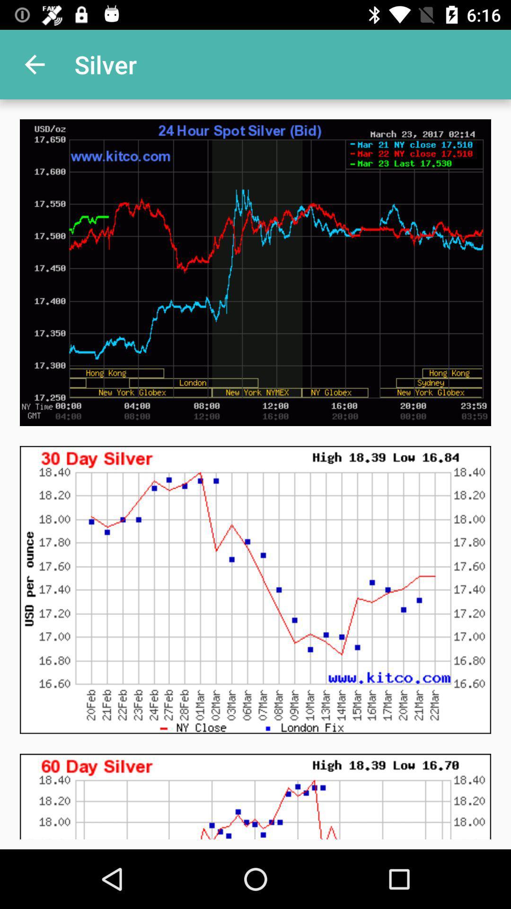 This screenshot has width=511, height=909. Describe the element at coordinates (34, 64) in the screenshot. I see `the app next to silver app` at that location.